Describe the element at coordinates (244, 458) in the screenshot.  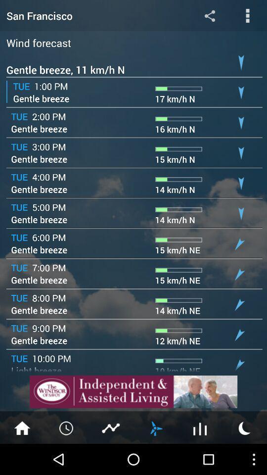
I see `the weather icon` at that location.